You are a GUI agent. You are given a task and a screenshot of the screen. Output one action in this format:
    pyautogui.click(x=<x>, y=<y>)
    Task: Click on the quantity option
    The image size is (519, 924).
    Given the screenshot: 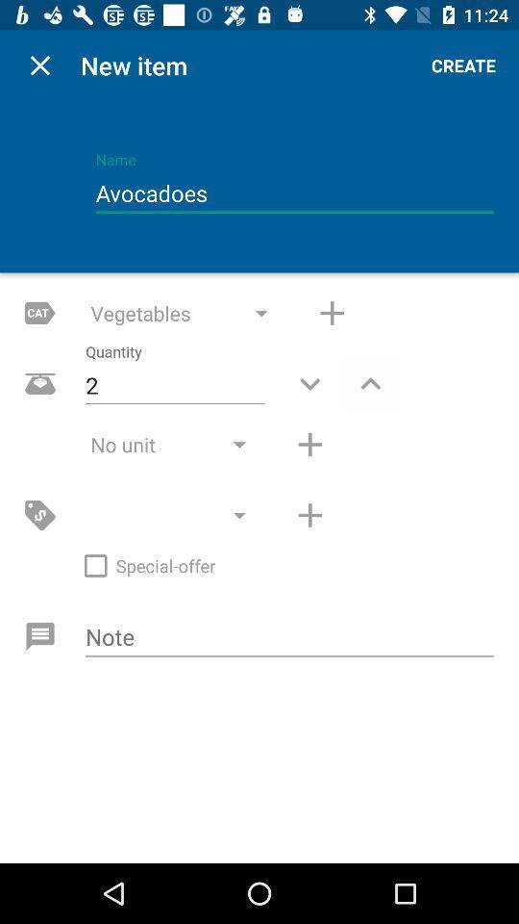 What is the action you would take?
    pyautogui.click(x=370, y=382)
    